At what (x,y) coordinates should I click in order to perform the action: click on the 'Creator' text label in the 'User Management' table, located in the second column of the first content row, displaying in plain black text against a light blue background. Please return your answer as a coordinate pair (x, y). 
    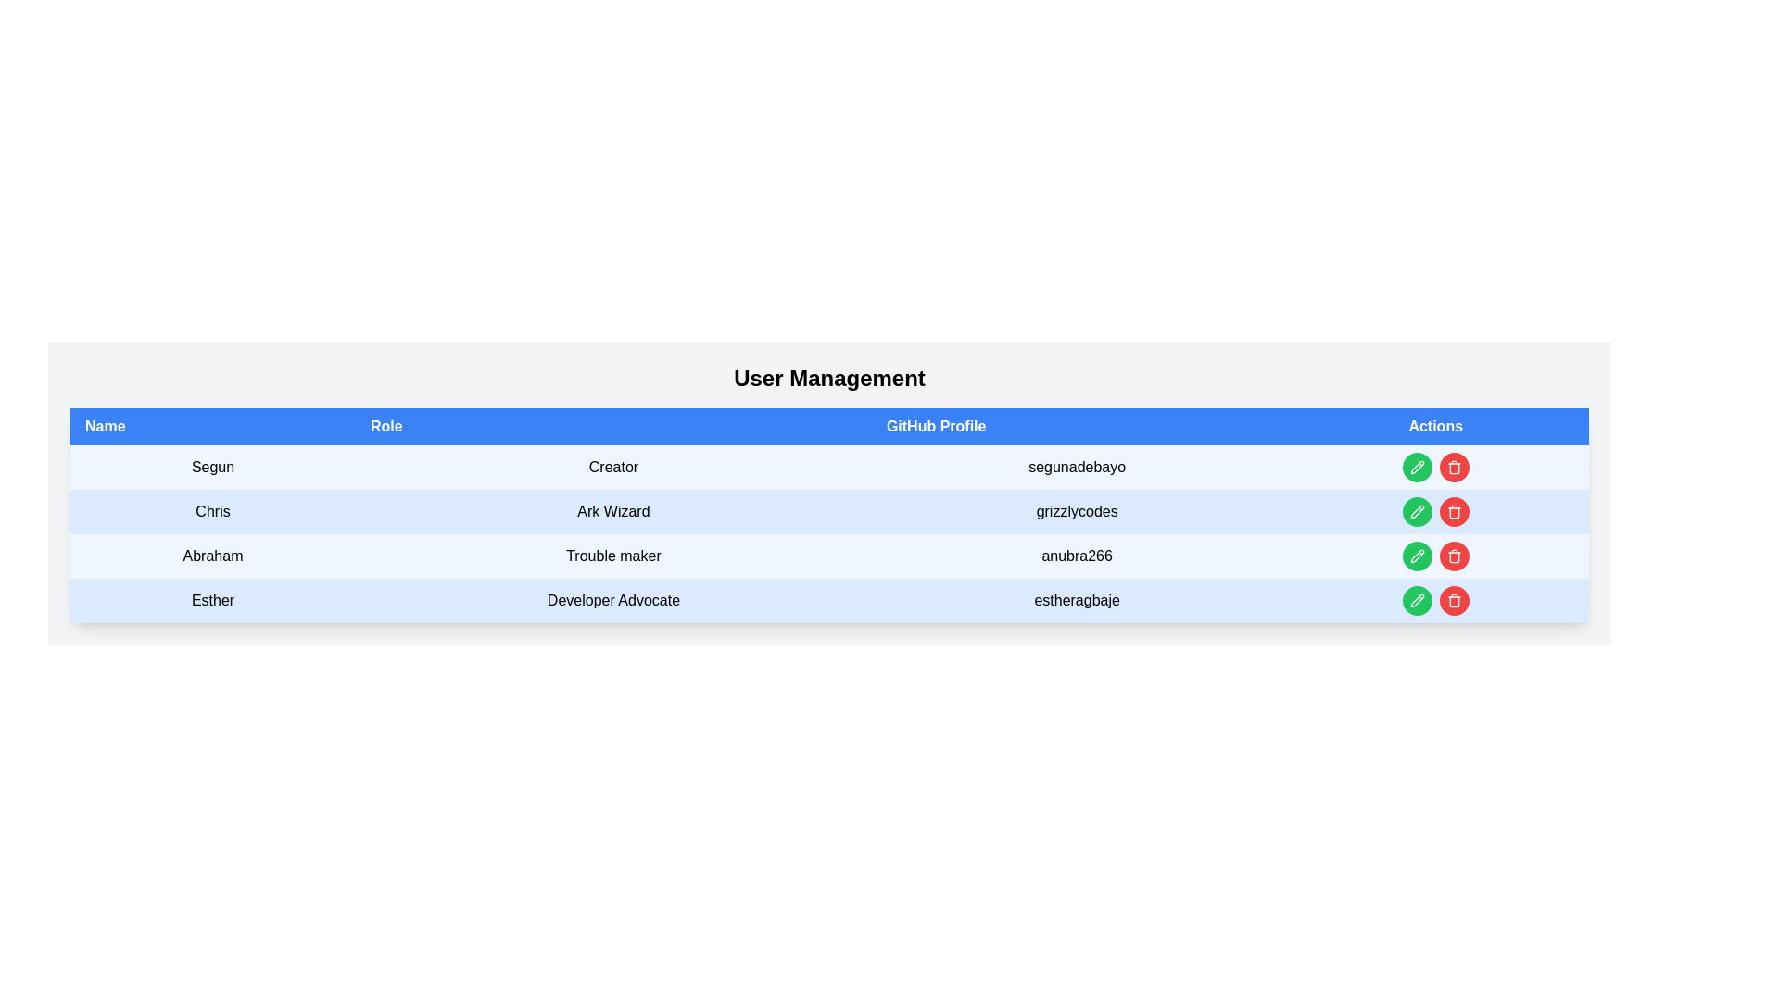
    Looking at the image, I should click on (613, 467).